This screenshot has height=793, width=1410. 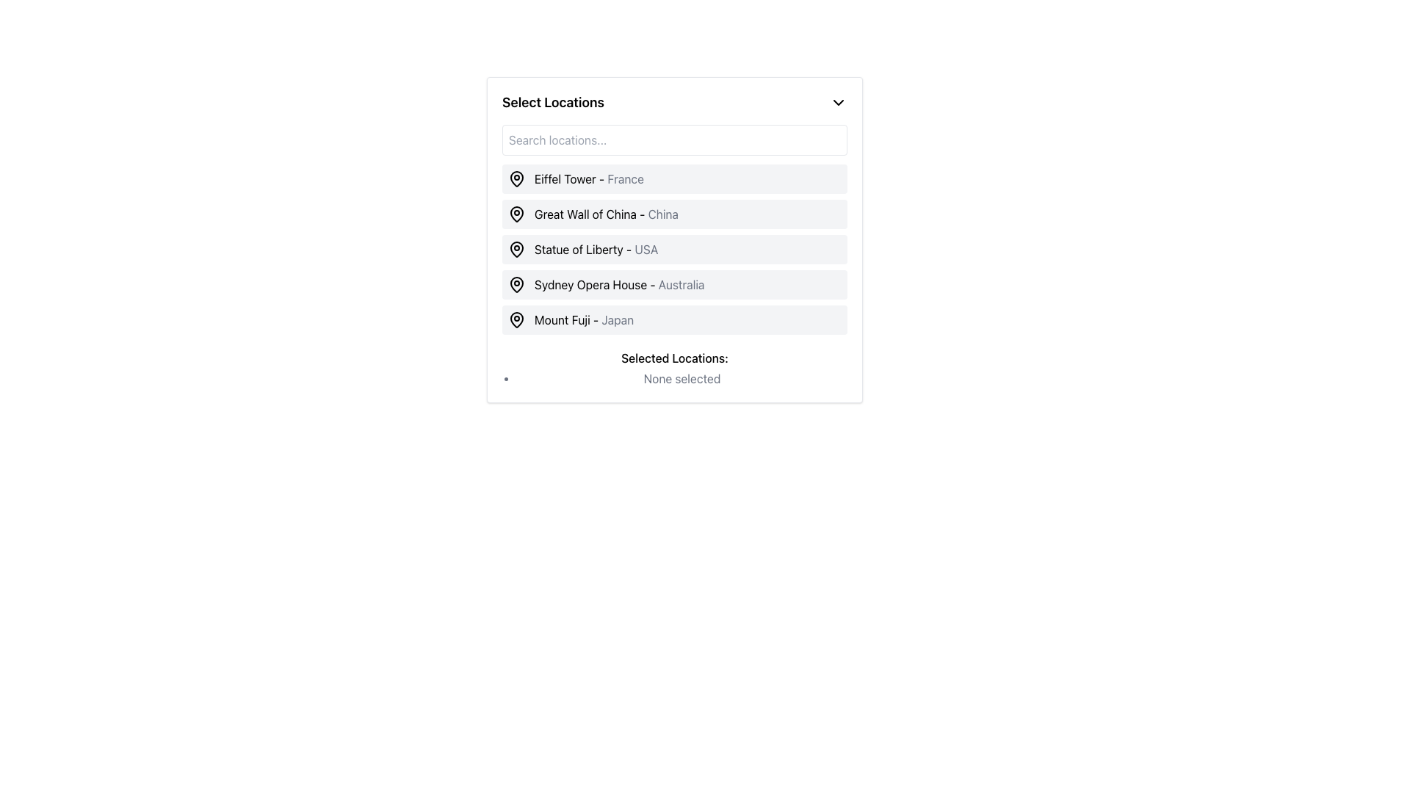 What do you see at coordinates (646, 248) in the screenshot?
I see `the text label providing the country name associated with the 'Statue of Liberty', located to the far right side of the text in the third row` at bounding box center [646, 248].